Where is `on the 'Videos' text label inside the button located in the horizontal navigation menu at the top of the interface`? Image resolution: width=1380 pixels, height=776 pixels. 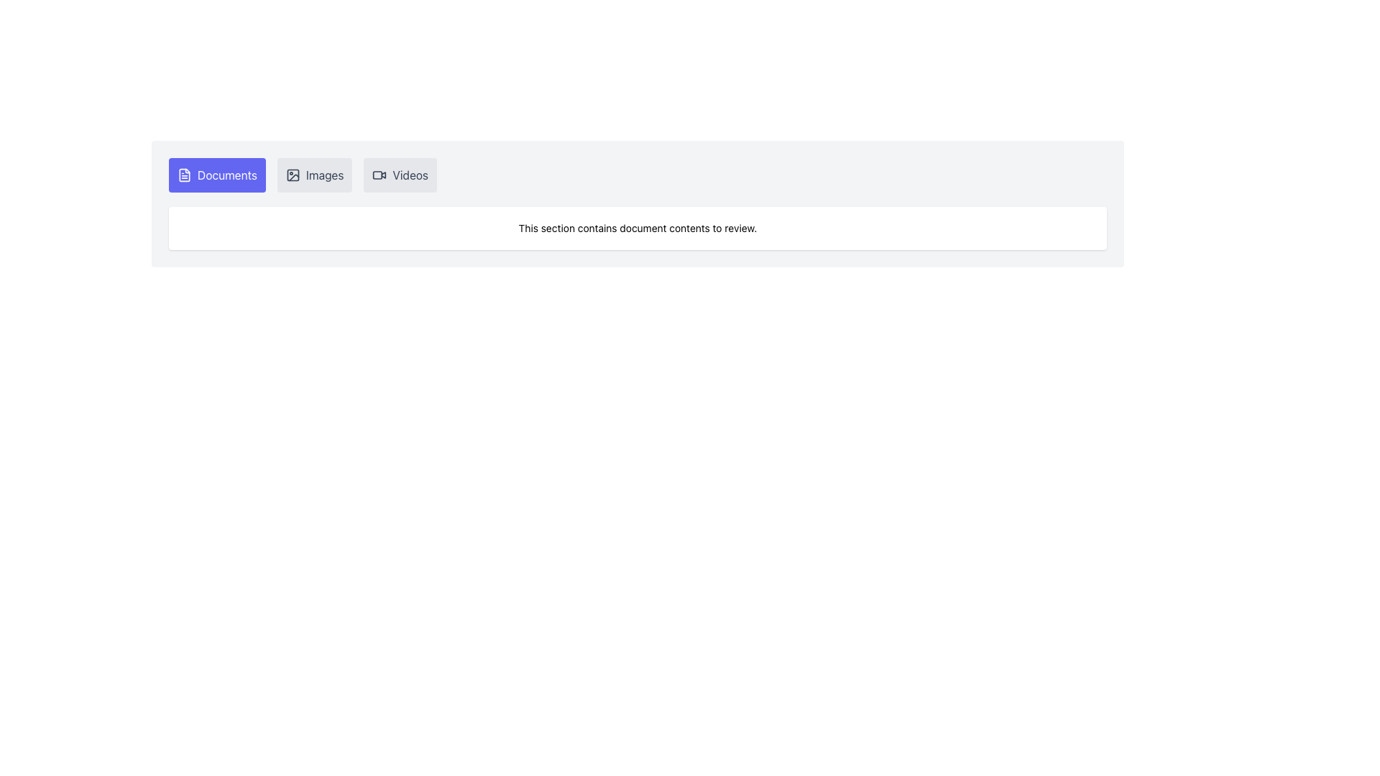
on the 'Videos' text label inside the button located in the horizontal navigation menu at the top of the interface is located at coordinates (410, 174).